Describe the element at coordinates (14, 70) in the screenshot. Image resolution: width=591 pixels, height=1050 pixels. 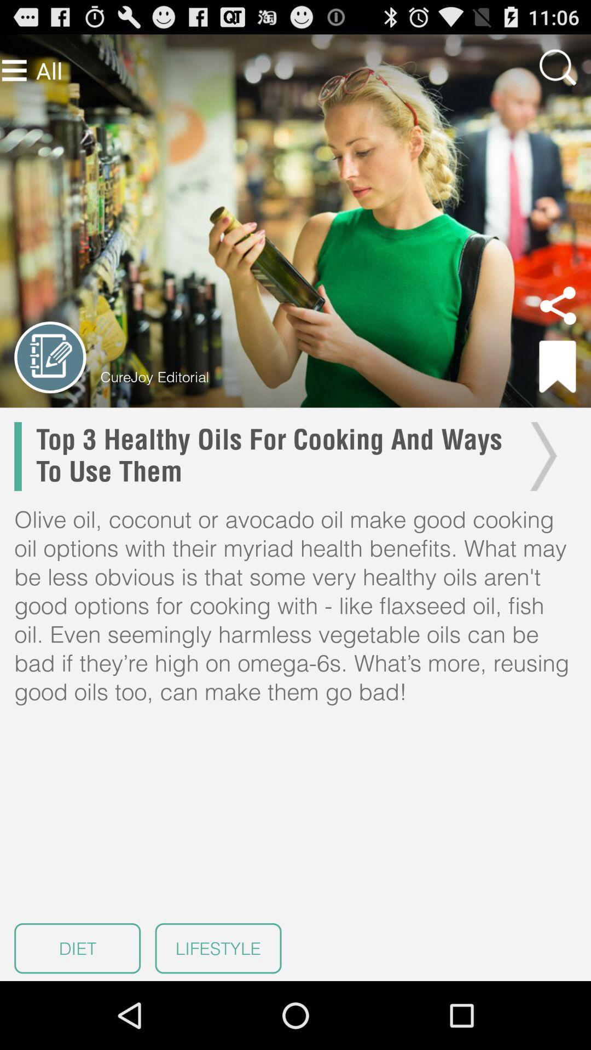
I see `menu` at that location.